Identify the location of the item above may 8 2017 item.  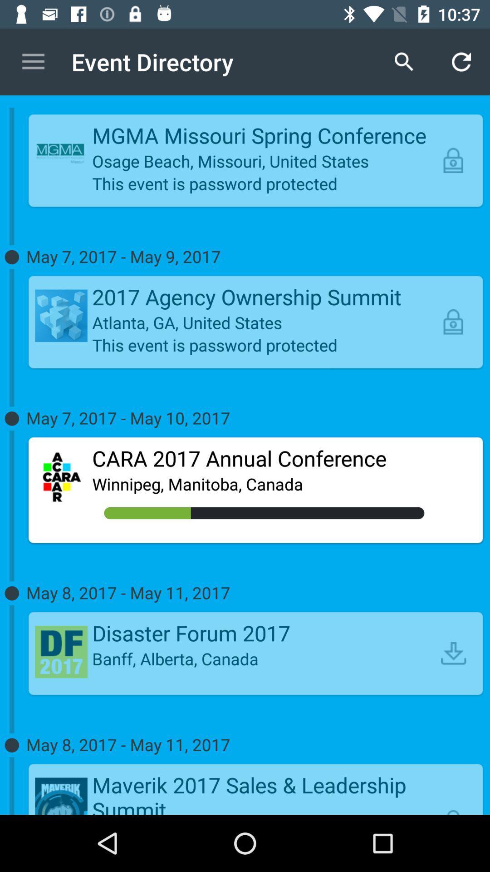
(453, 653).